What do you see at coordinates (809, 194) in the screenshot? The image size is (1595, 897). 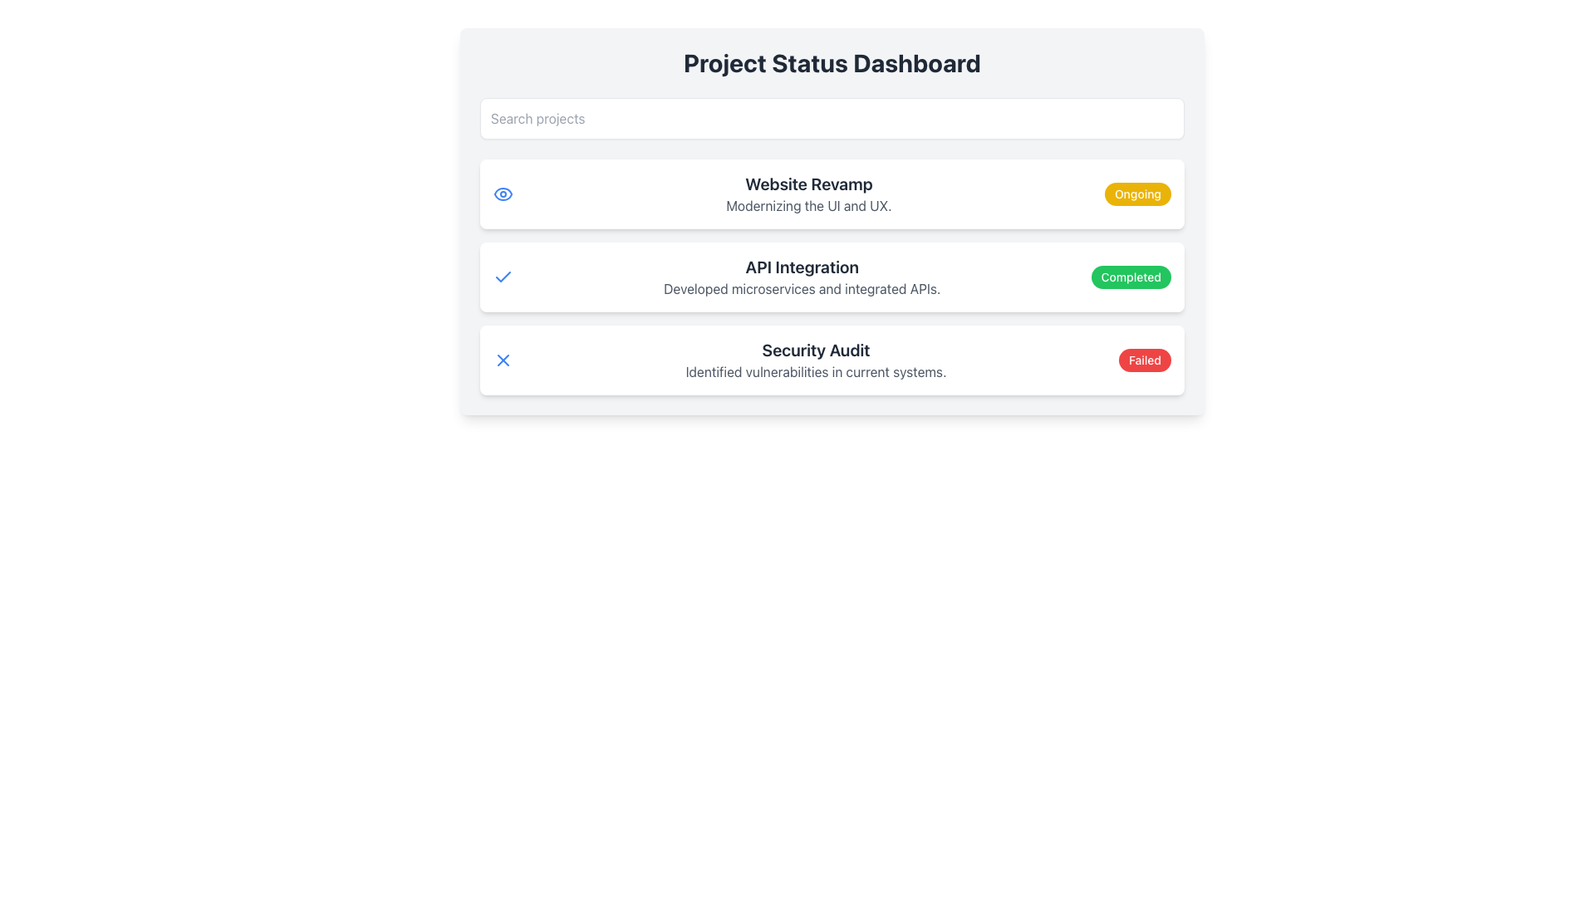 I see `the text display component that serves as a header and subtitle for the project card named 'Website Revamp', located at the center of a horizontal row in the project status dashboard interface` at bounding box center [809, 194].